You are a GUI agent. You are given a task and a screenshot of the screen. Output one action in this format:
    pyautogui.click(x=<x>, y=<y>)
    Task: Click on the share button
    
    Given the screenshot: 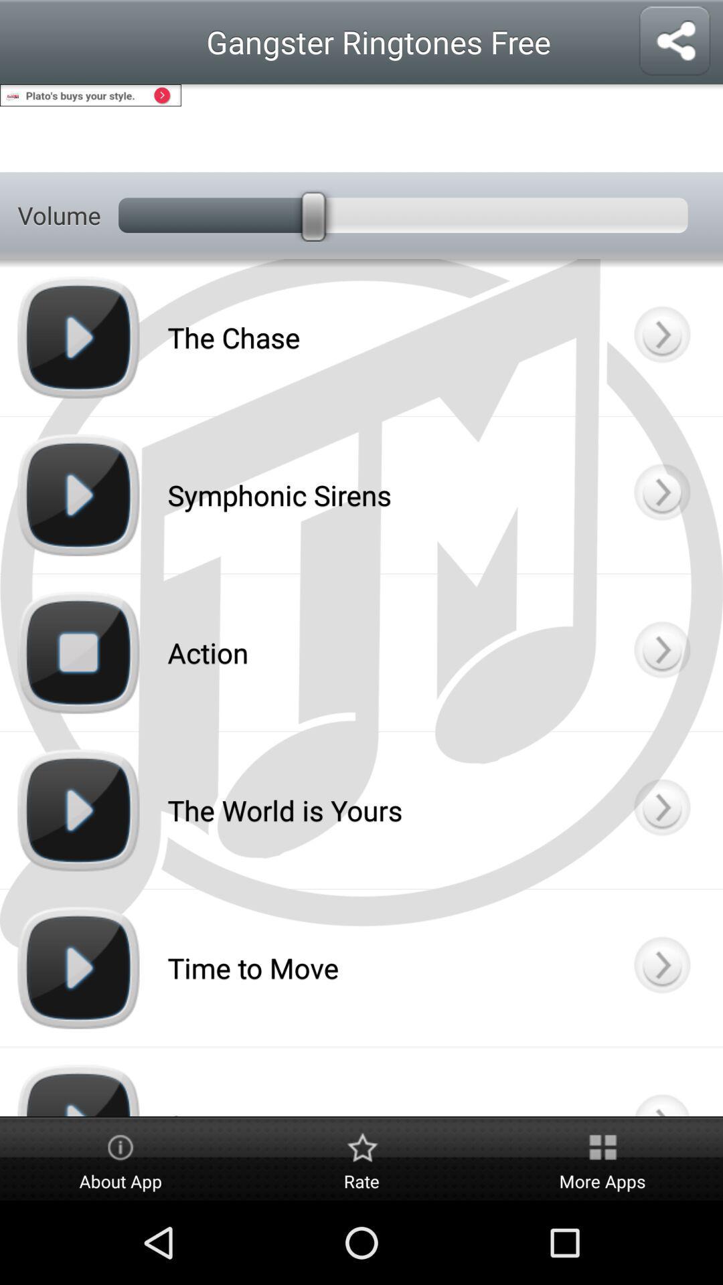 What is the action you would take?
    pyautogui.click(x=674, y=41)
    